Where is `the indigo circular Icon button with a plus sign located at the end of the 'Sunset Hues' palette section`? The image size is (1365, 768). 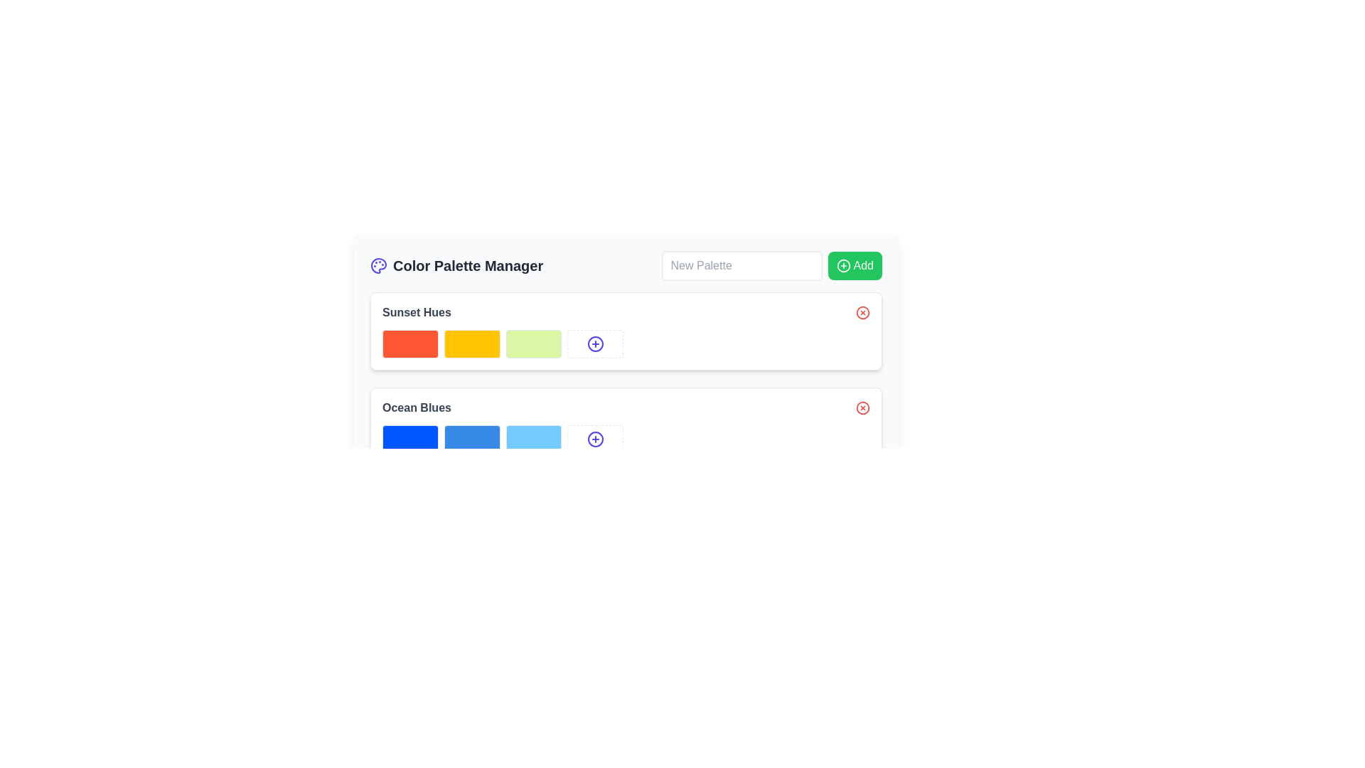 the indigo circular Icon button with a plus sign located at the end of the 'Sunset Hues' palette section is located at coordinates (595, 343).